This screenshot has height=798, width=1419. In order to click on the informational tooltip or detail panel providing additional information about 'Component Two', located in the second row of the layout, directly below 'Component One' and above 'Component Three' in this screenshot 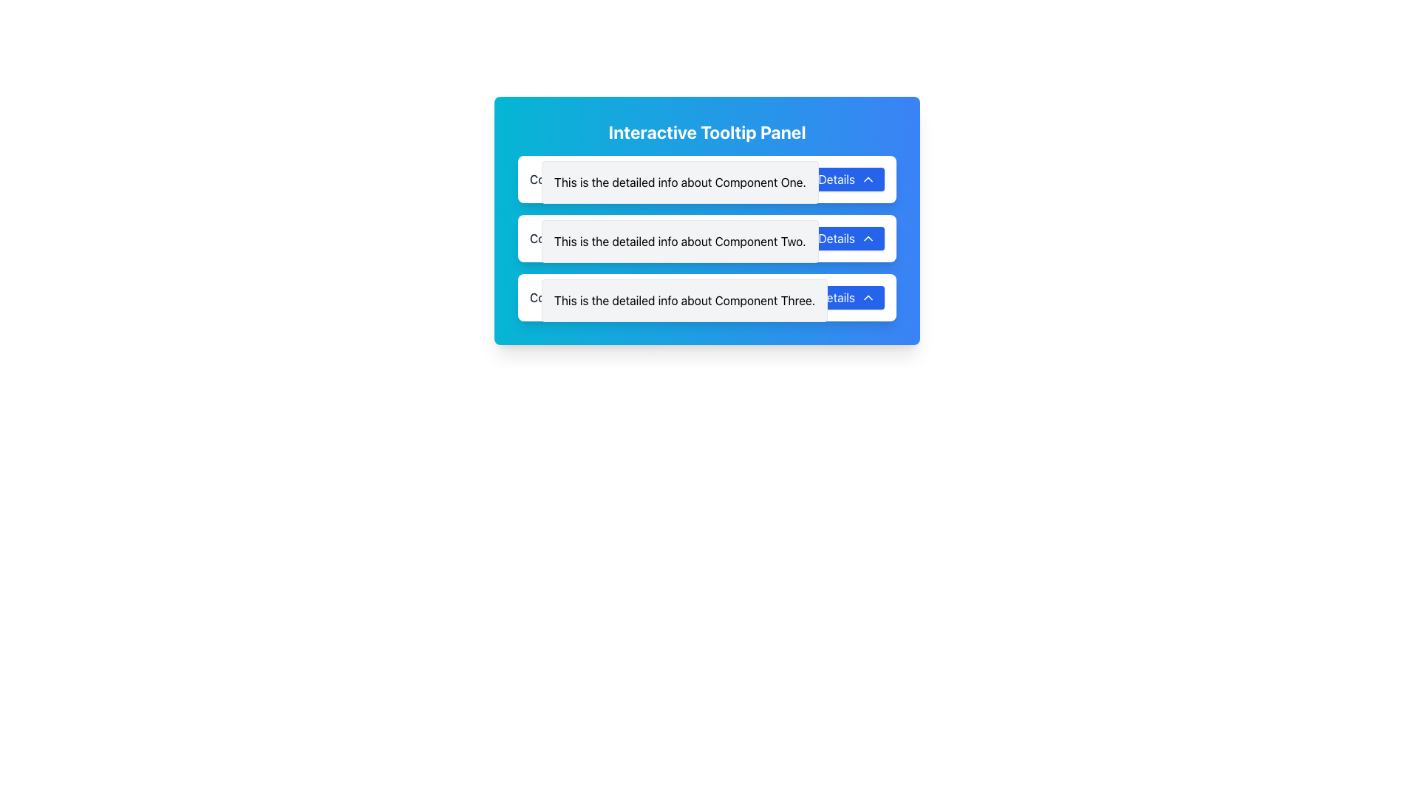, I will do `click(679, 241)`.